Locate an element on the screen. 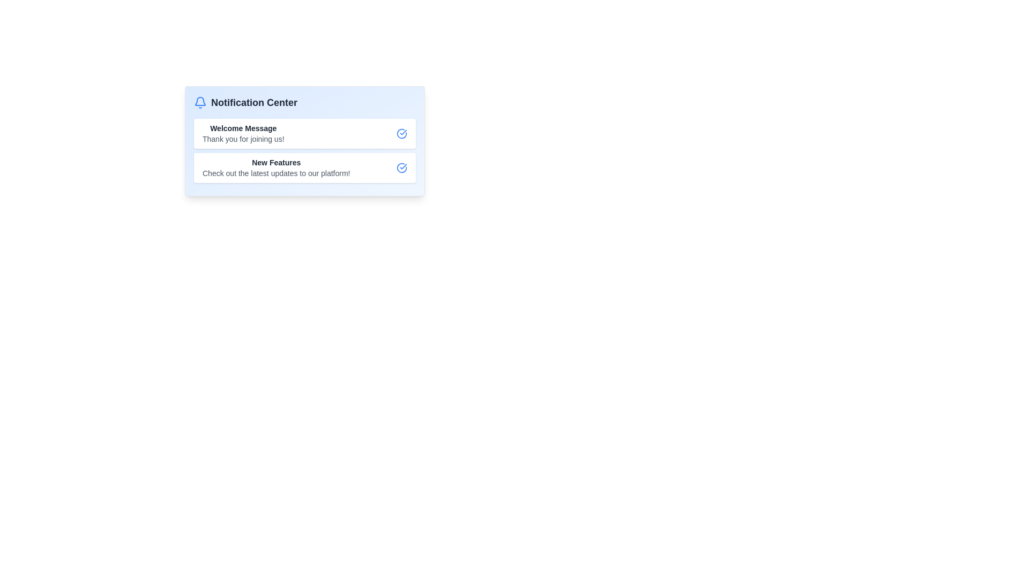  the confirmation button located at the right side of the 'New Features' notification block in the 'Notification Center' section is located at coordinates (401, 168).